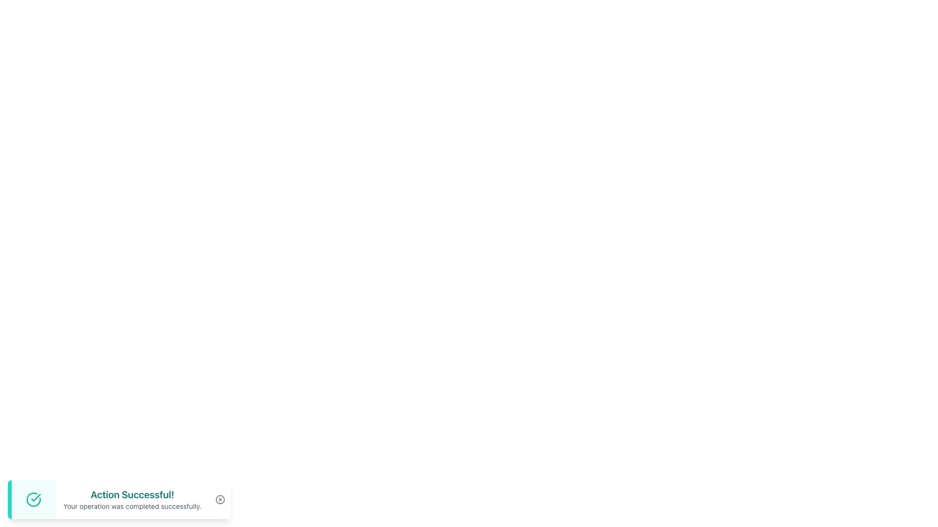  Describe the element at coordinates (33, 499) in the screenshot. I see `the green circular icon with a checkmark located in the bottom-left corner of the notification box that indicates 'Action Successful!'` at that location.